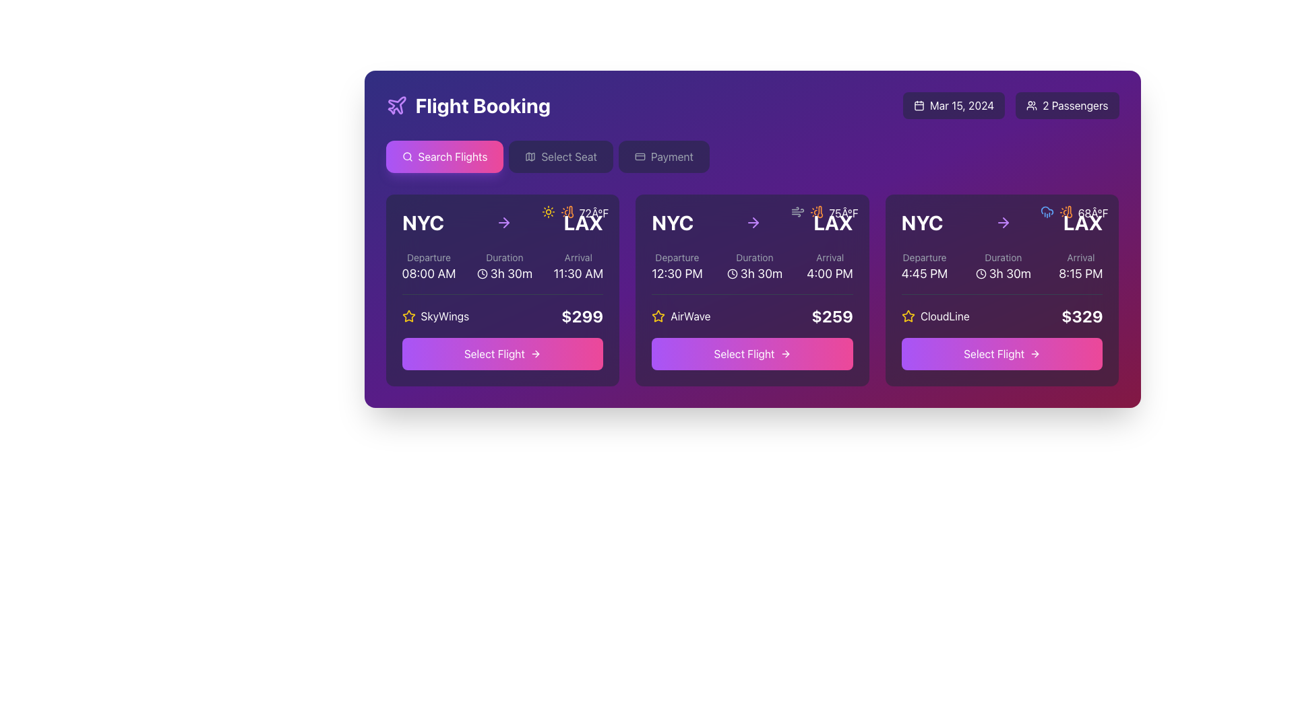 Image resolution: width=1294 pixels, height=727 pixels. I want to click on the 'Duration' label in small-sized gray font located on the third flight information card, positioned above the duration value '3h 30m', so click(1003, 257).